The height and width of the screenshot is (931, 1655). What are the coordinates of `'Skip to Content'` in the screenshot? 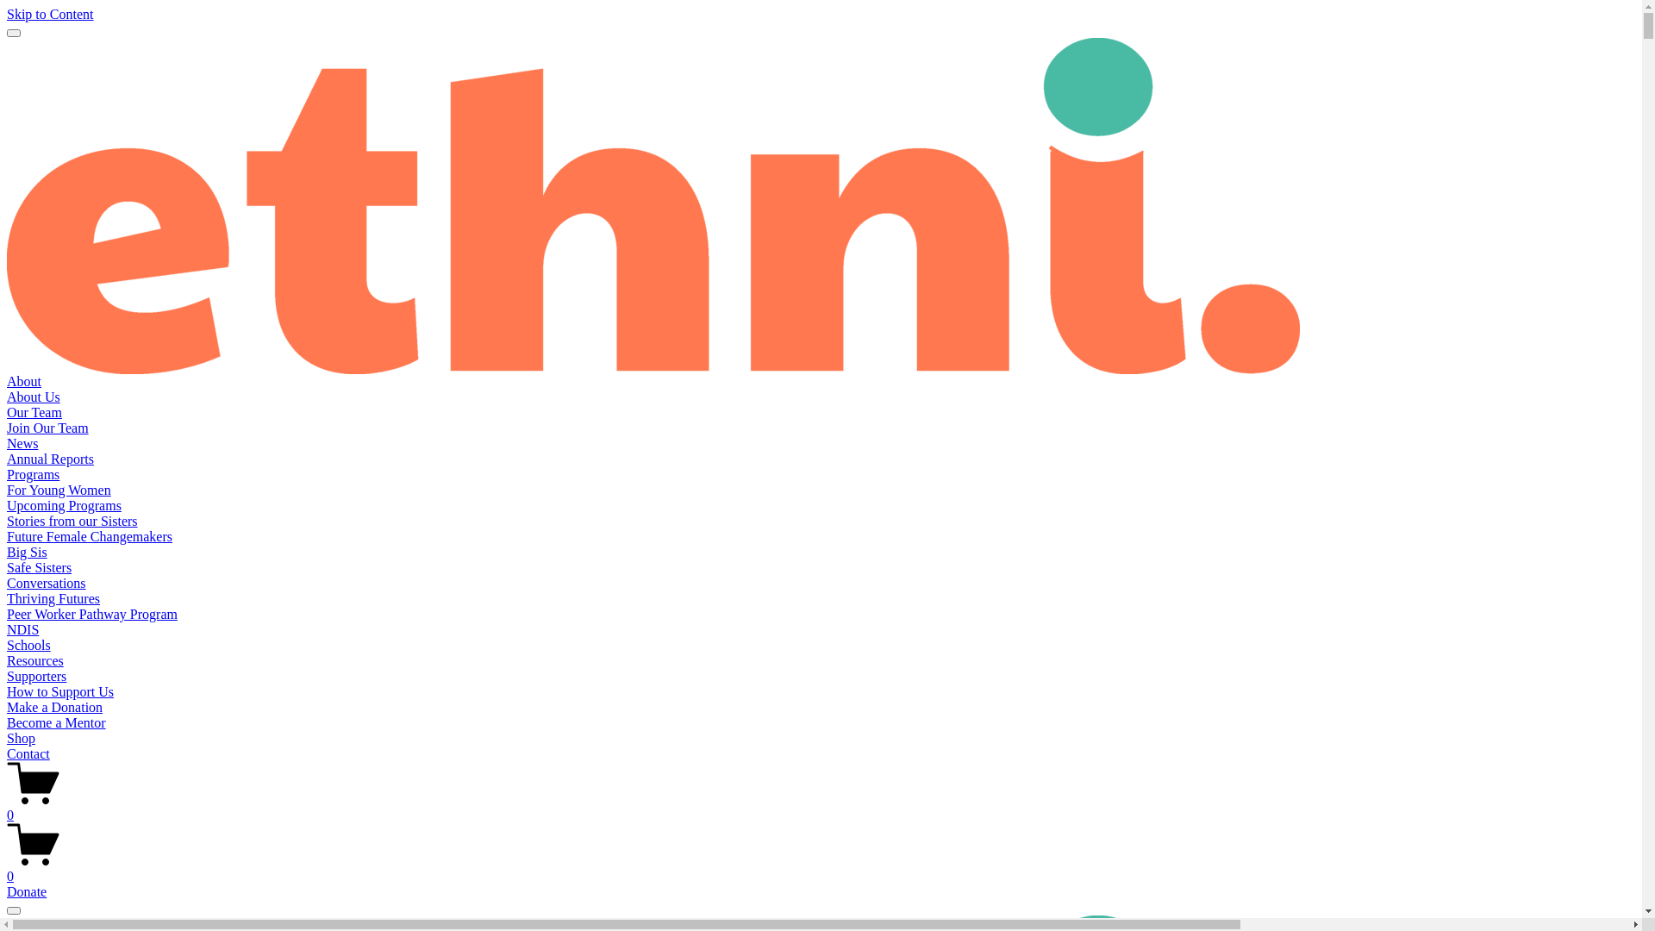 It's located at (7, 14).